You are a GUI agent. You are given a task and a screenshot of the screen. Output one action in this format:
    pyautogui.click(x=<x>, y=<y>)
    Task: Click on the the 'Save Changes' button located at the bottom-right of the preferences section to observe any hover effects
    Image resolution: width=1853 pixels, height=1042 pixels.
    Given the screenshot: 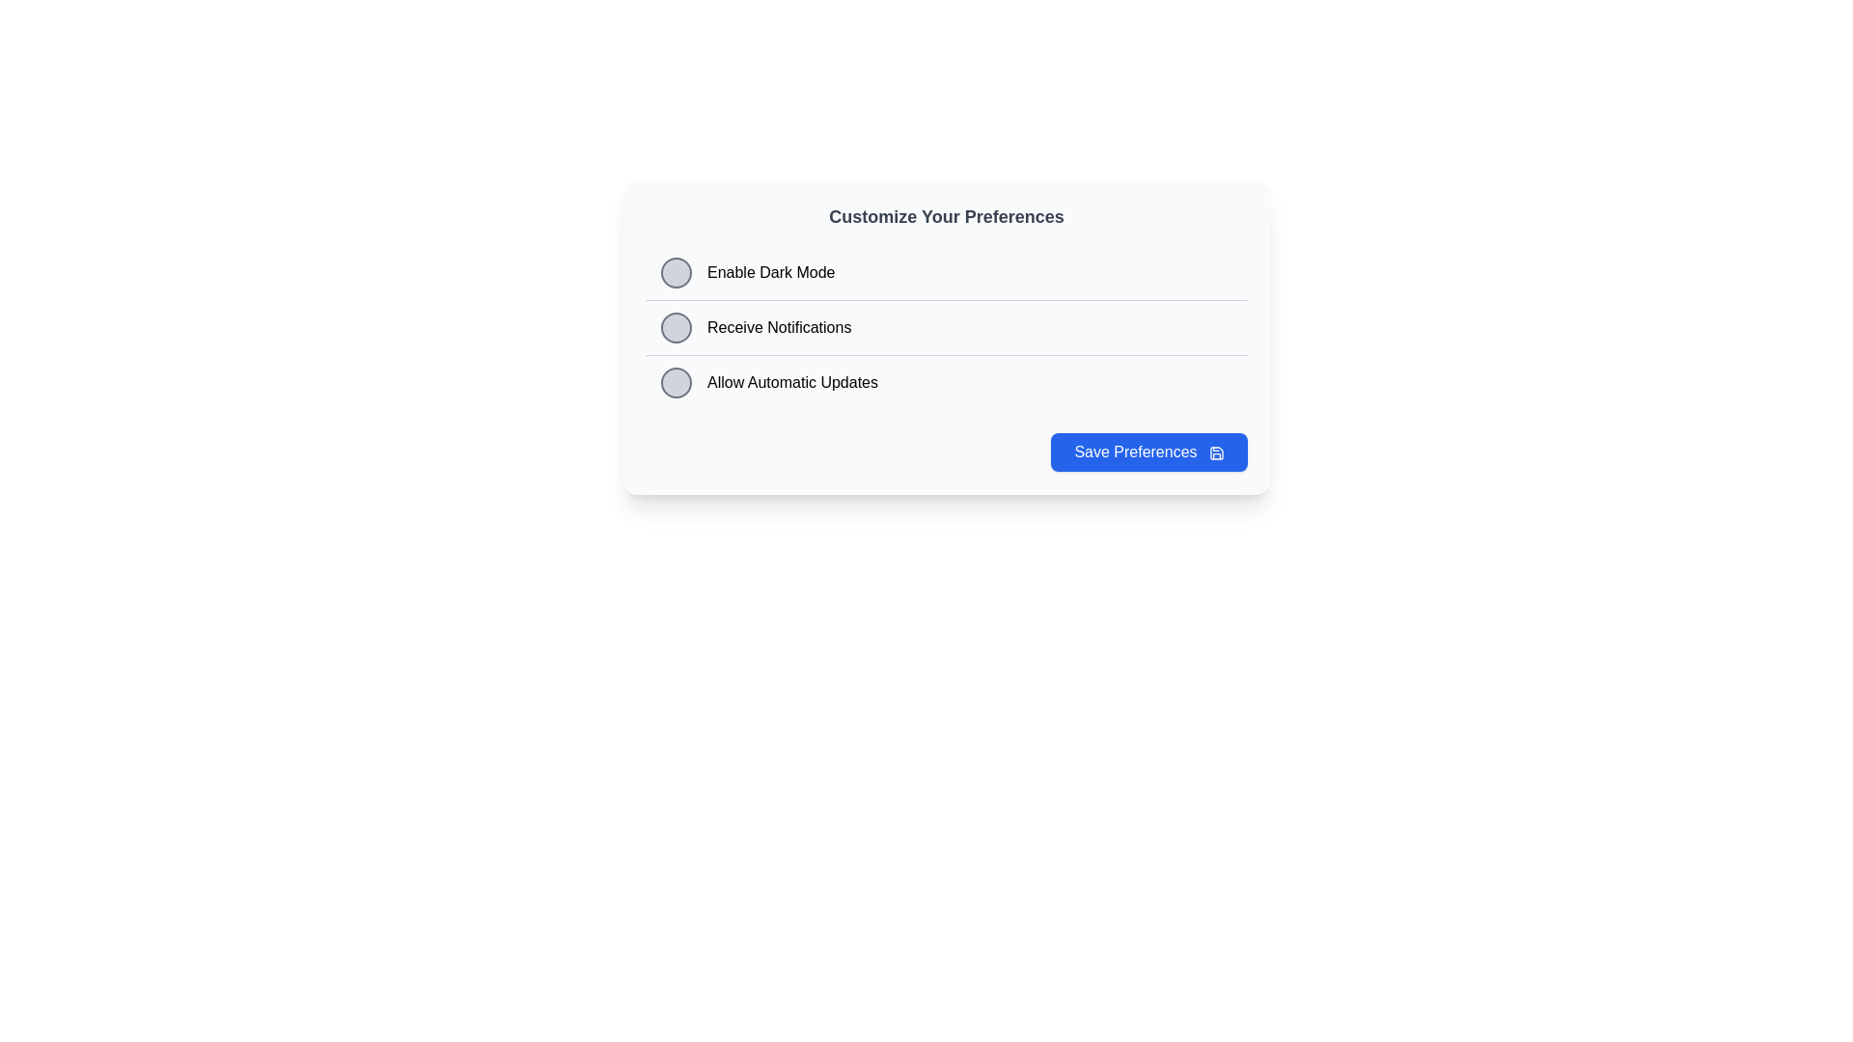 What is the action you would take?
    pyautogui.click(x=1149, y=452)
    